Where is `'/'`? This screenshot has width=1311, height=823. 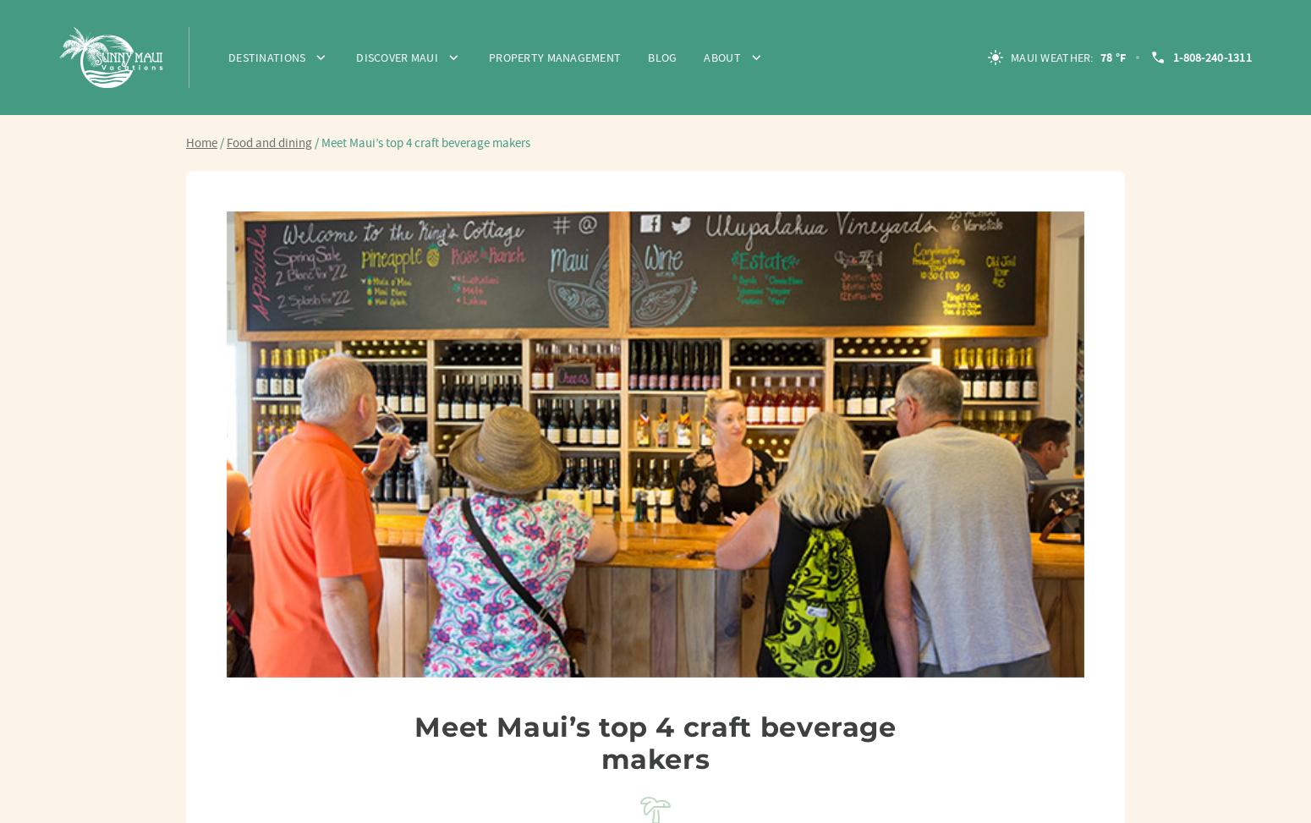 '/' is located at coordinates (222, 143).